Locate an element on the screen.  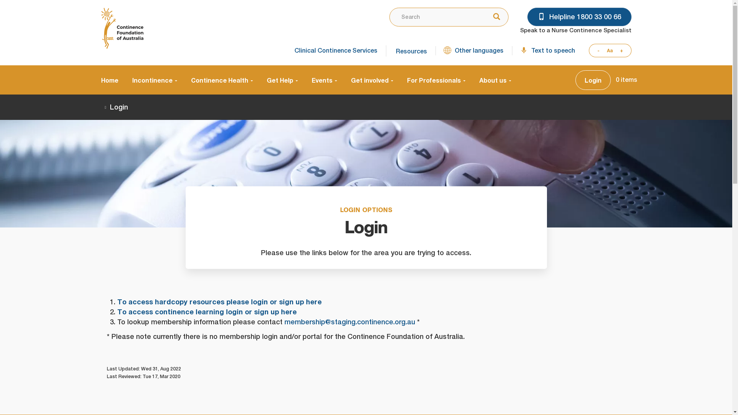
'Helpline 1800 33 00 66' is located at coordinates (579, 17).